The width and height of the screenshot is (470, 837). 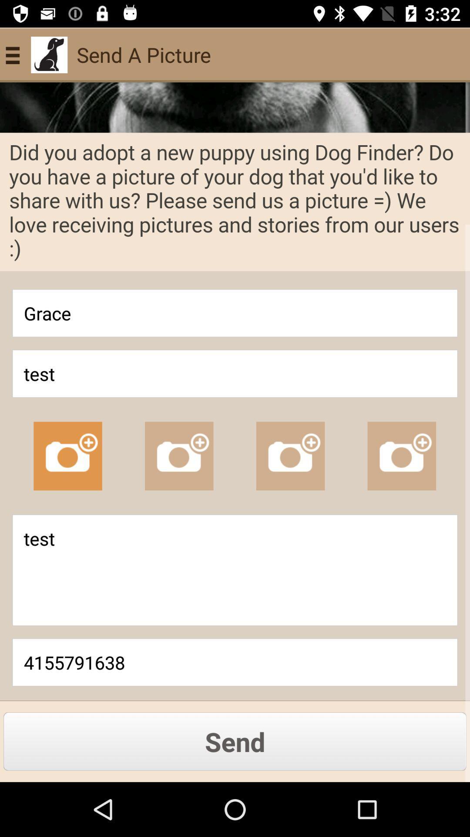 What do you see at coordinates (235, 374) in the screenshot?
I see `tap on the box that reads test shown below grace` at bounding box center [235, 374].